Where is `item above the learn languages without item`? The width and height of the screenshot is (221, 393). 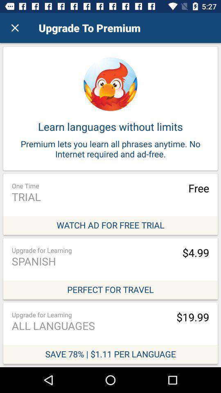 item above the learn languages without item is located at coordinates (15, 28).